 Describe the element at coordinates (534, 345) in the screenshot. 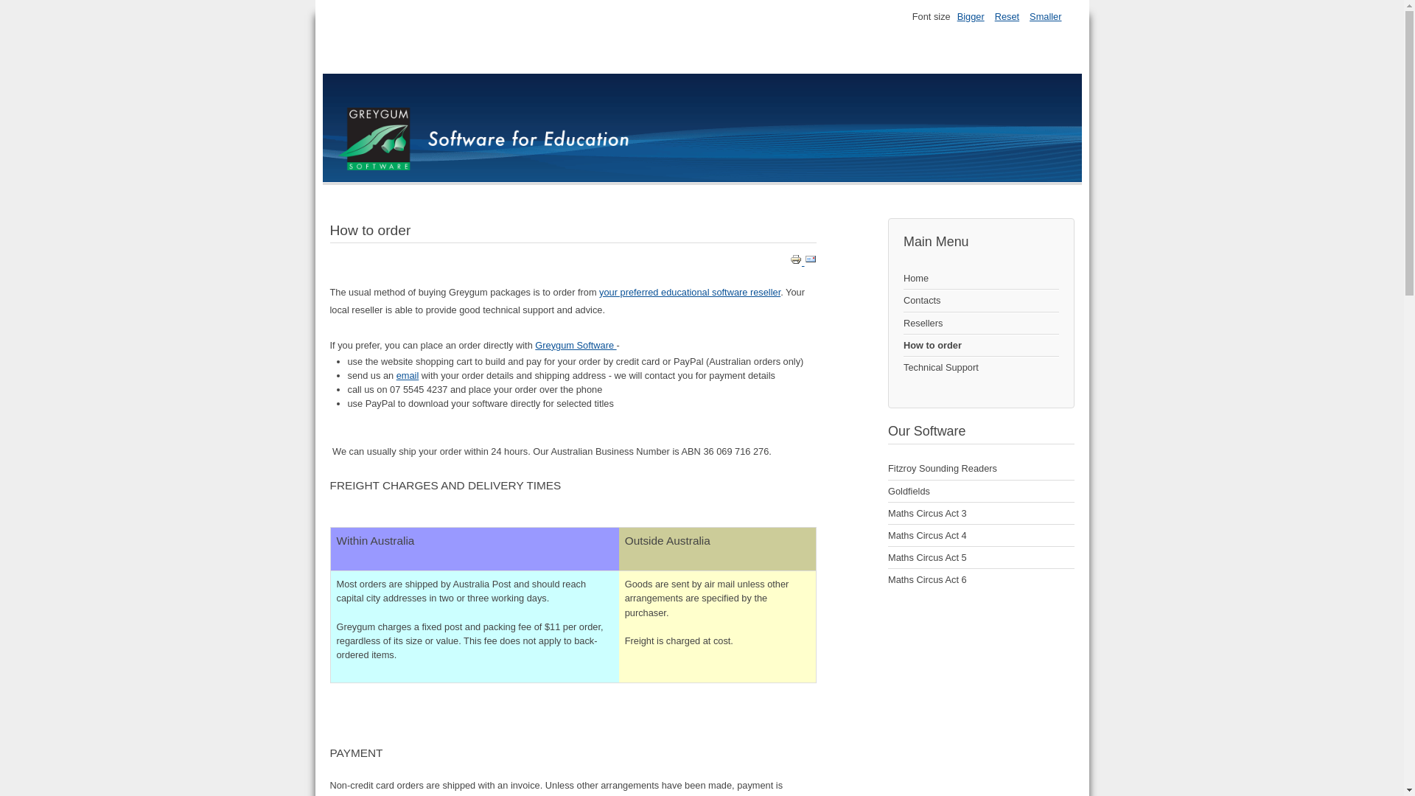

I see `'Greygum Software '` at that location.